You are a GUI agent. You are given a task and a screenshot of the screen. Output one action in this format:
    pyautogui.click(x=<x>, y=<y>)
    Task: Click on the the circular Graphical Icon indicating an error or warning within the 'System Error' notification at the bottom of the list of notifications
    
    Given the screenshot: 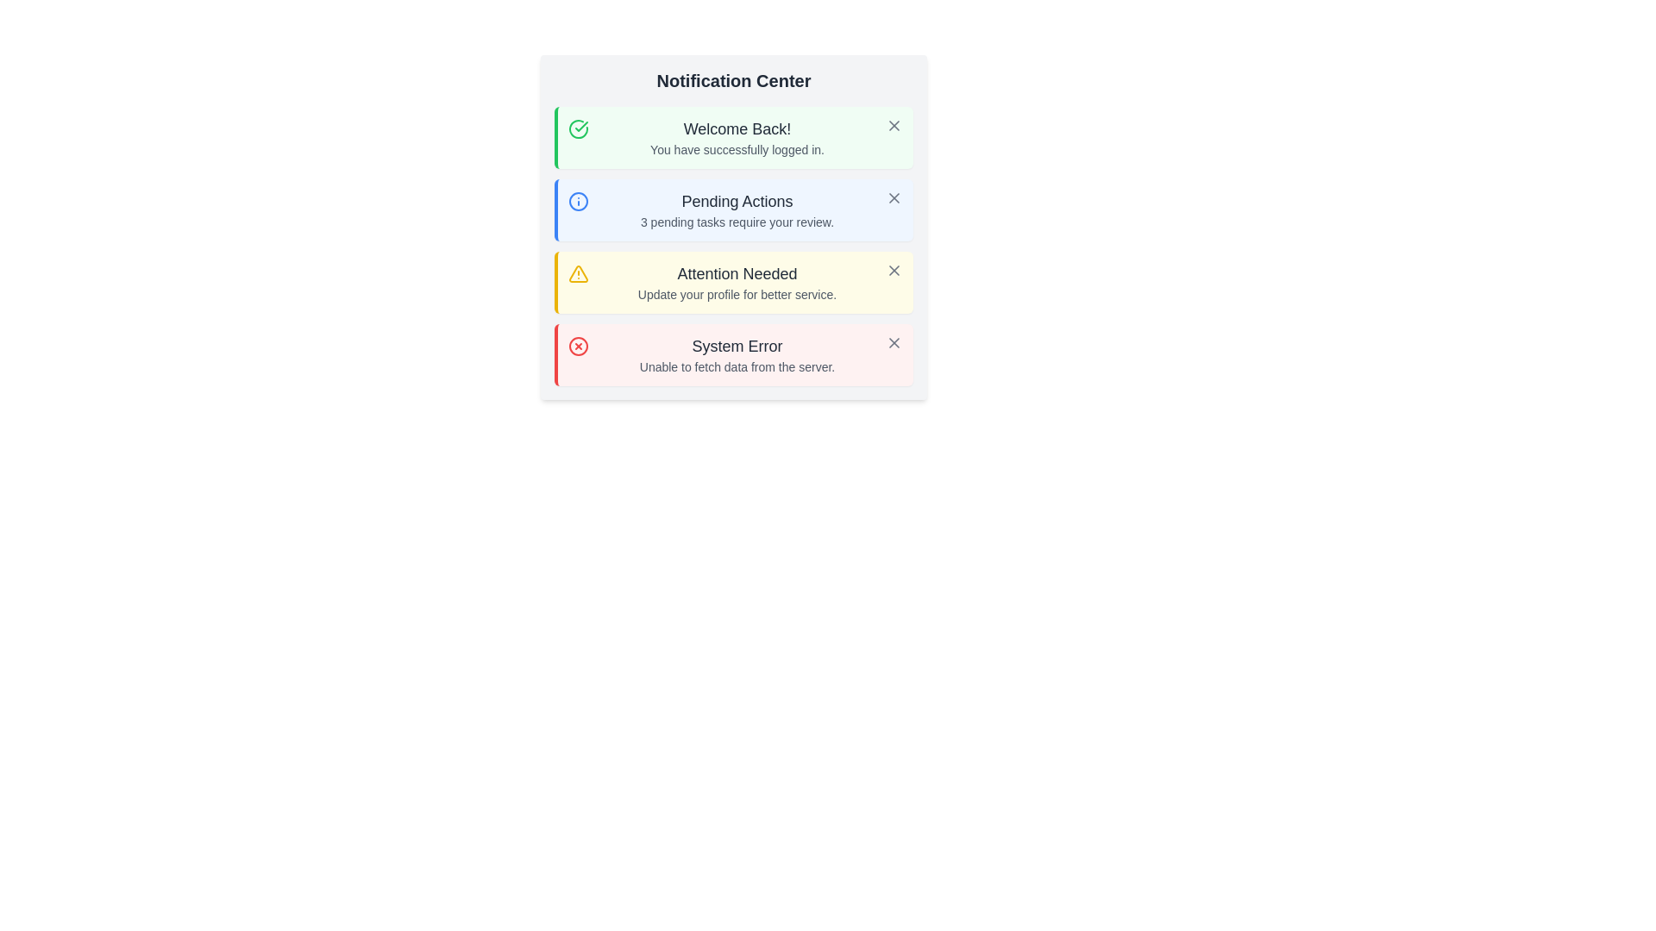 What is the action you would take?
    pyautogui.click(x=579, y=346)
    